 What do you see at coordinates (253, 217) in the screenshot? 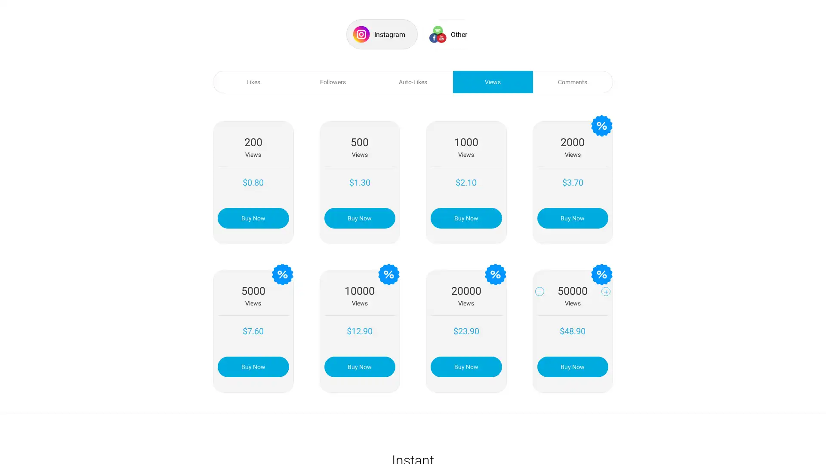
I see `Buy Now` at bounding box center [253, 217].